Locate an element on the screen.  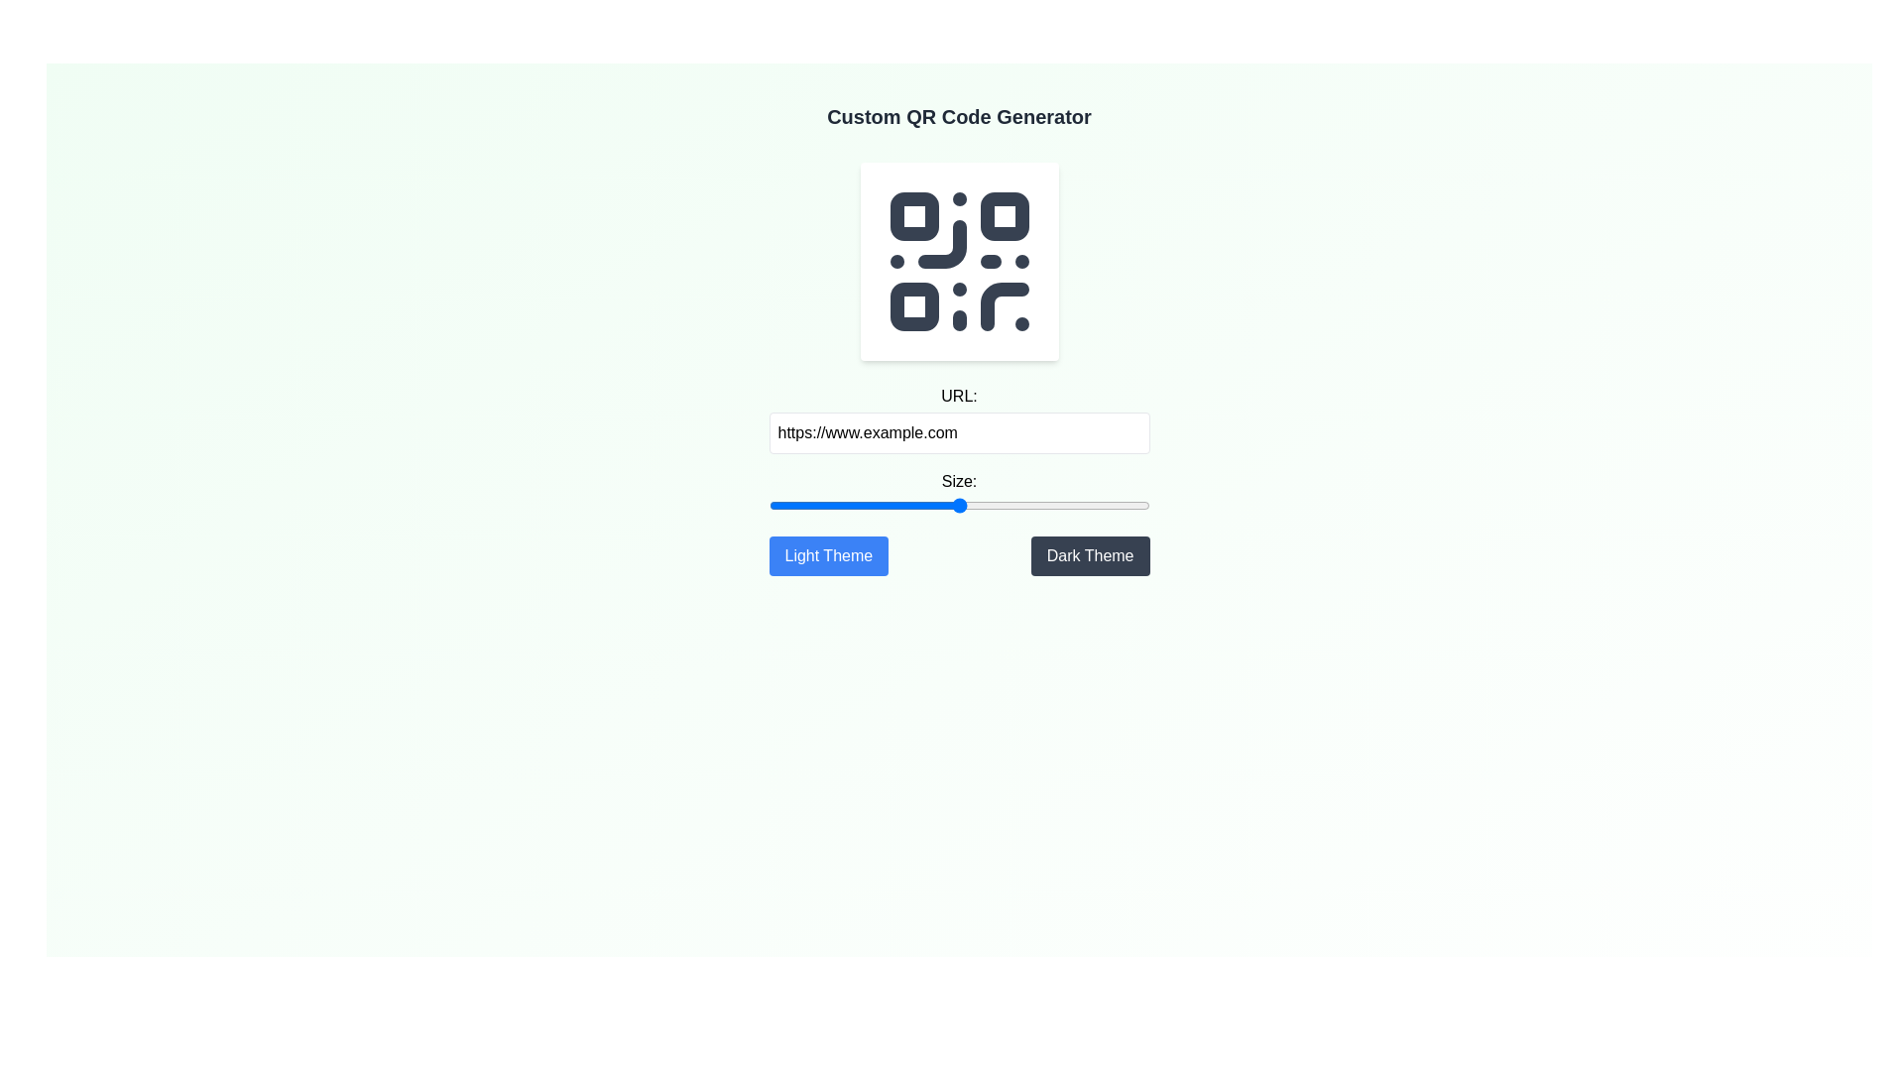
the slider is located at coordinates (1063, 504).